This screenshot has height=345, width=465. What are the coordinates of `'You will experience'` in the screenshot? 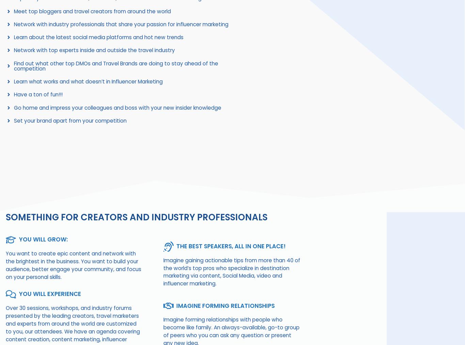 It's located at (49, 293).